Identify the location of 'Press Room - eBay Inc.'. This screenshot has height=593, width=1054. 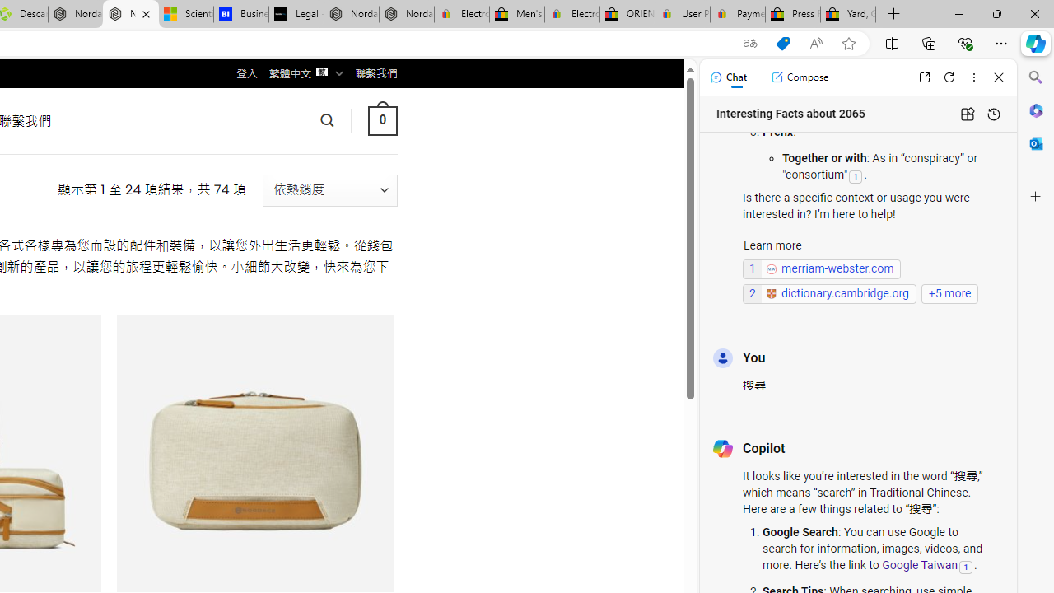
(793, 14).